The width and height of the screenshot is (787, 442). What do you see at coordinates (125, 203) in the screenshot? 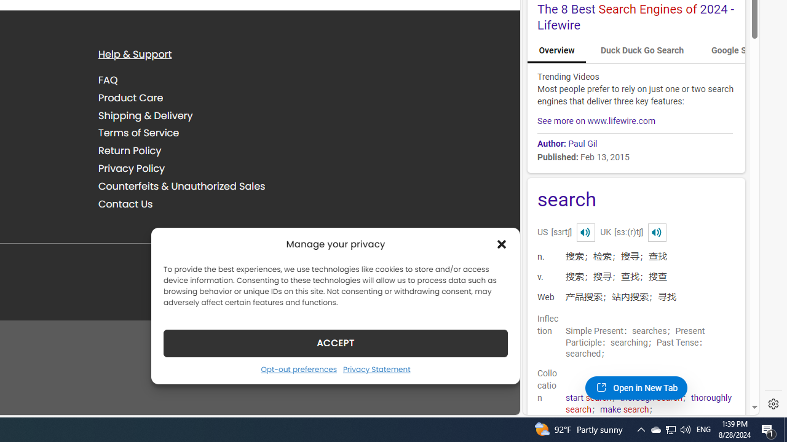
I see `'Contact Us'` at bounding box center [125, 203].